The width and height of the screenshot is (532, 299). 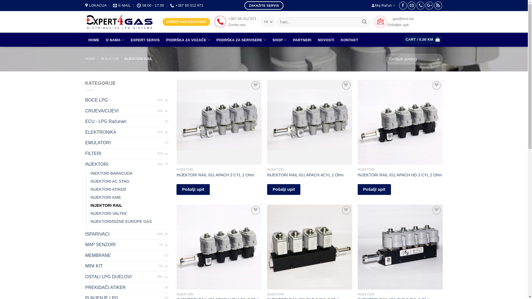 What do you see at coordinates (85, 5) in the screenshot?
I see `'LOKACIJA'` at bounding box center [85, 5].